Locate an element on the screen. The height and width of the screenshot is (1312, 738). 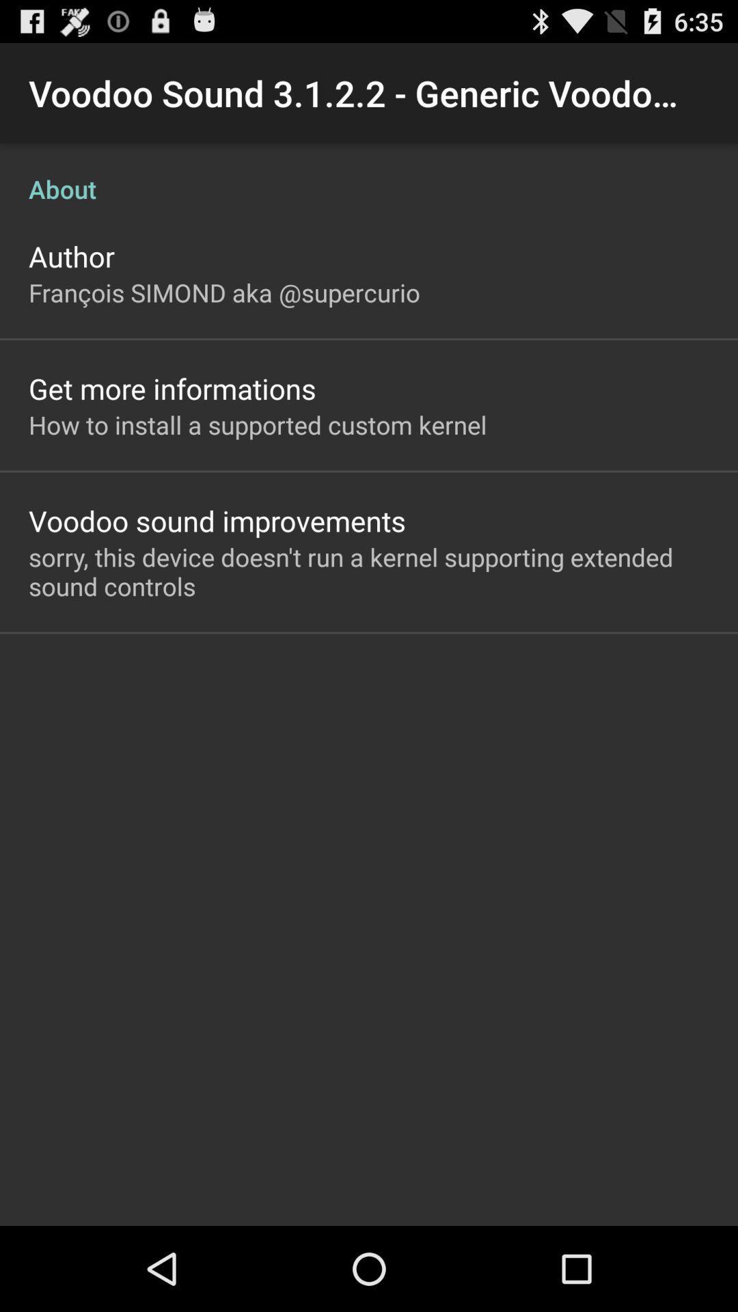
icon above the how to install app is located at coordinates (172, 387).